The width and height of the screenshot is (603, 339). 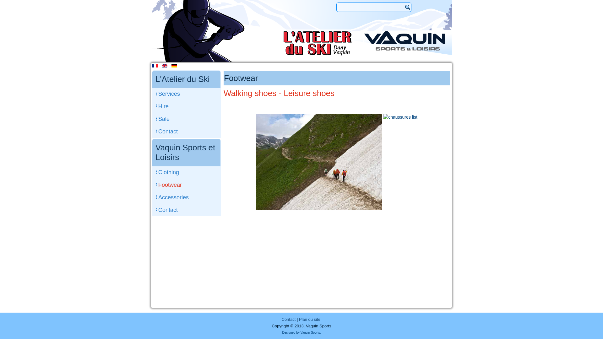 I want to click on 'Deutsch', so click(x=174, y=65).